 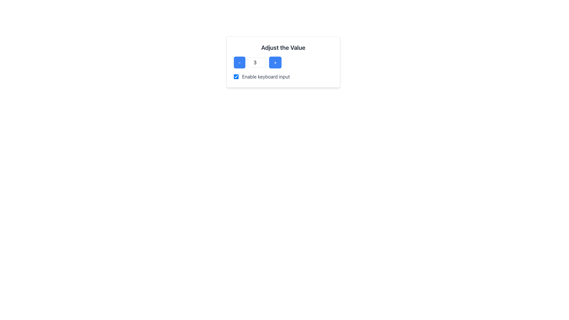 I want to click on the Number input field displaying the numeric value '3', so click(x=257, y=63).